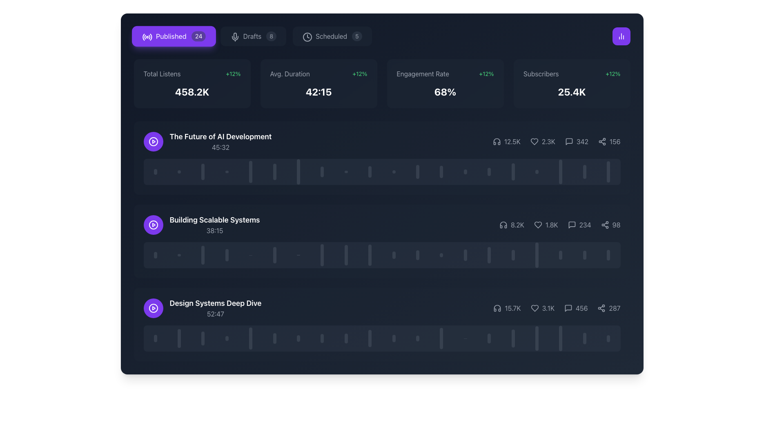 The image size is (784, 441). Describe the element at coordinates (610, 225) in the screenshot. I see `the static text '98' with the share icon, which is positioned at the end of the second card's row of statistics` at that location.